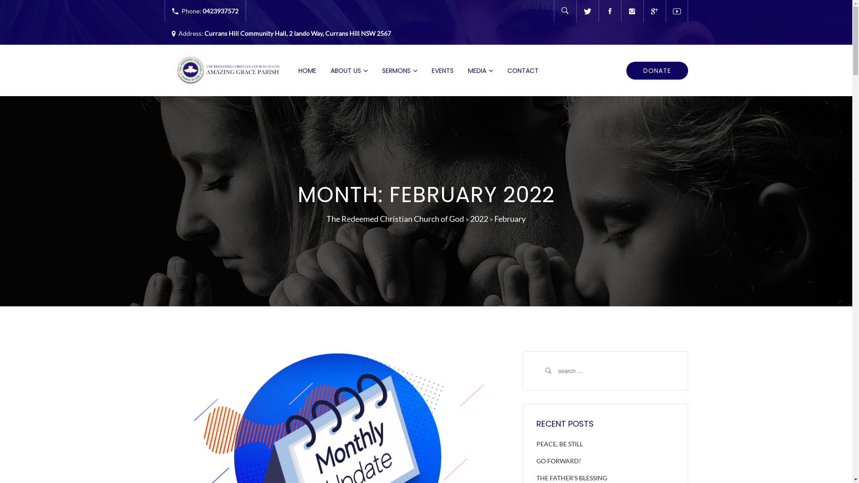 The image size is (859, 483). I want to click on 'Youtube', so click(676, 11).